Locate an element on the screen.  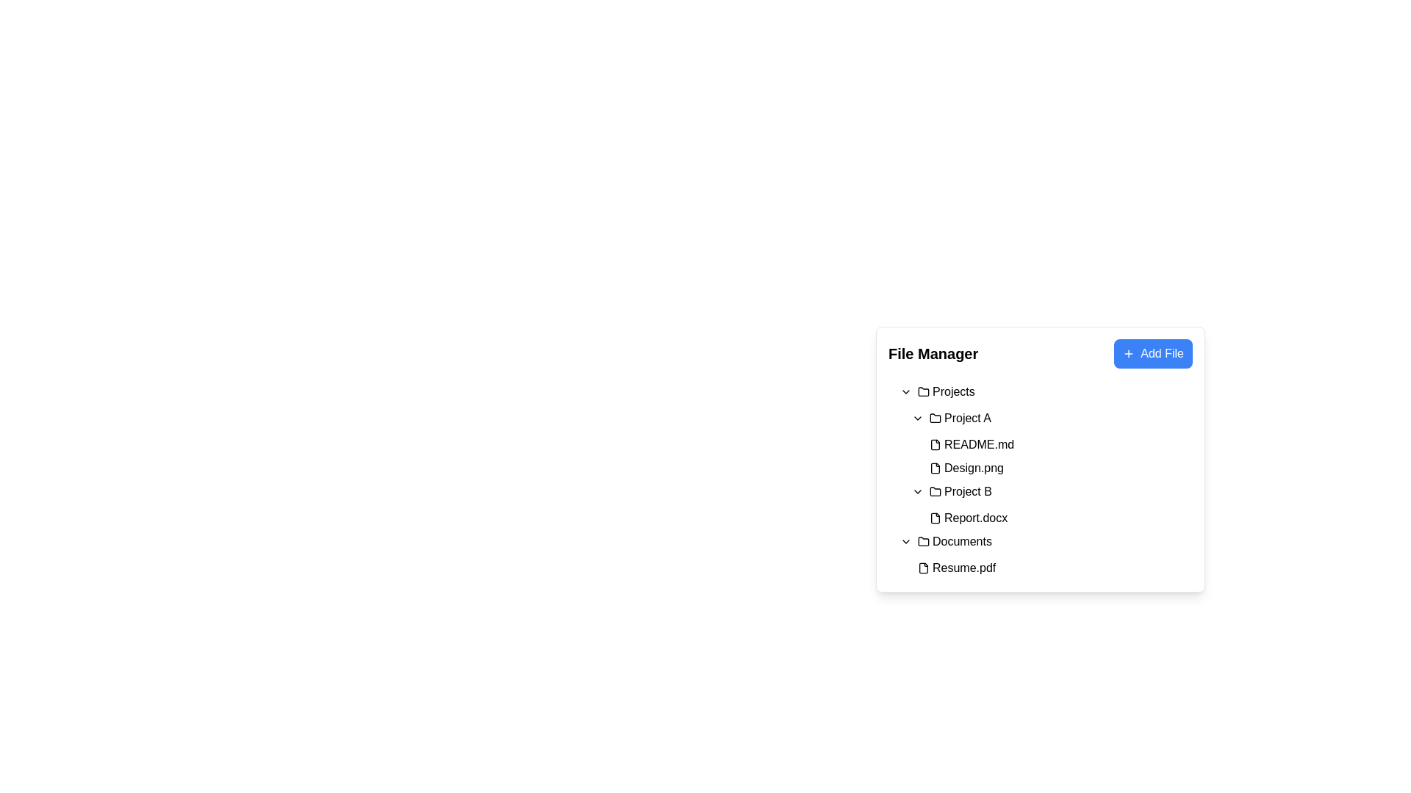
the List of file items under the 'Projects' section is located at coordinates (1040, 455).